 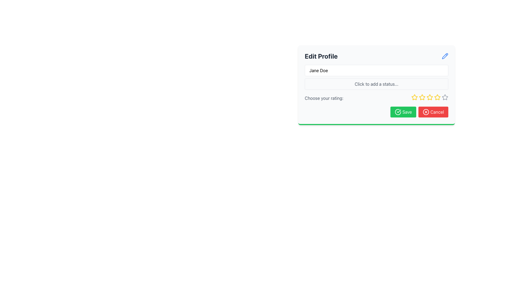 What do you see at coordinates (433, 112) in the screenshot?
I see `the cancel button located at the bottom right of the modal dialog, which is the second button from the right` at bounding box center [433, 112].